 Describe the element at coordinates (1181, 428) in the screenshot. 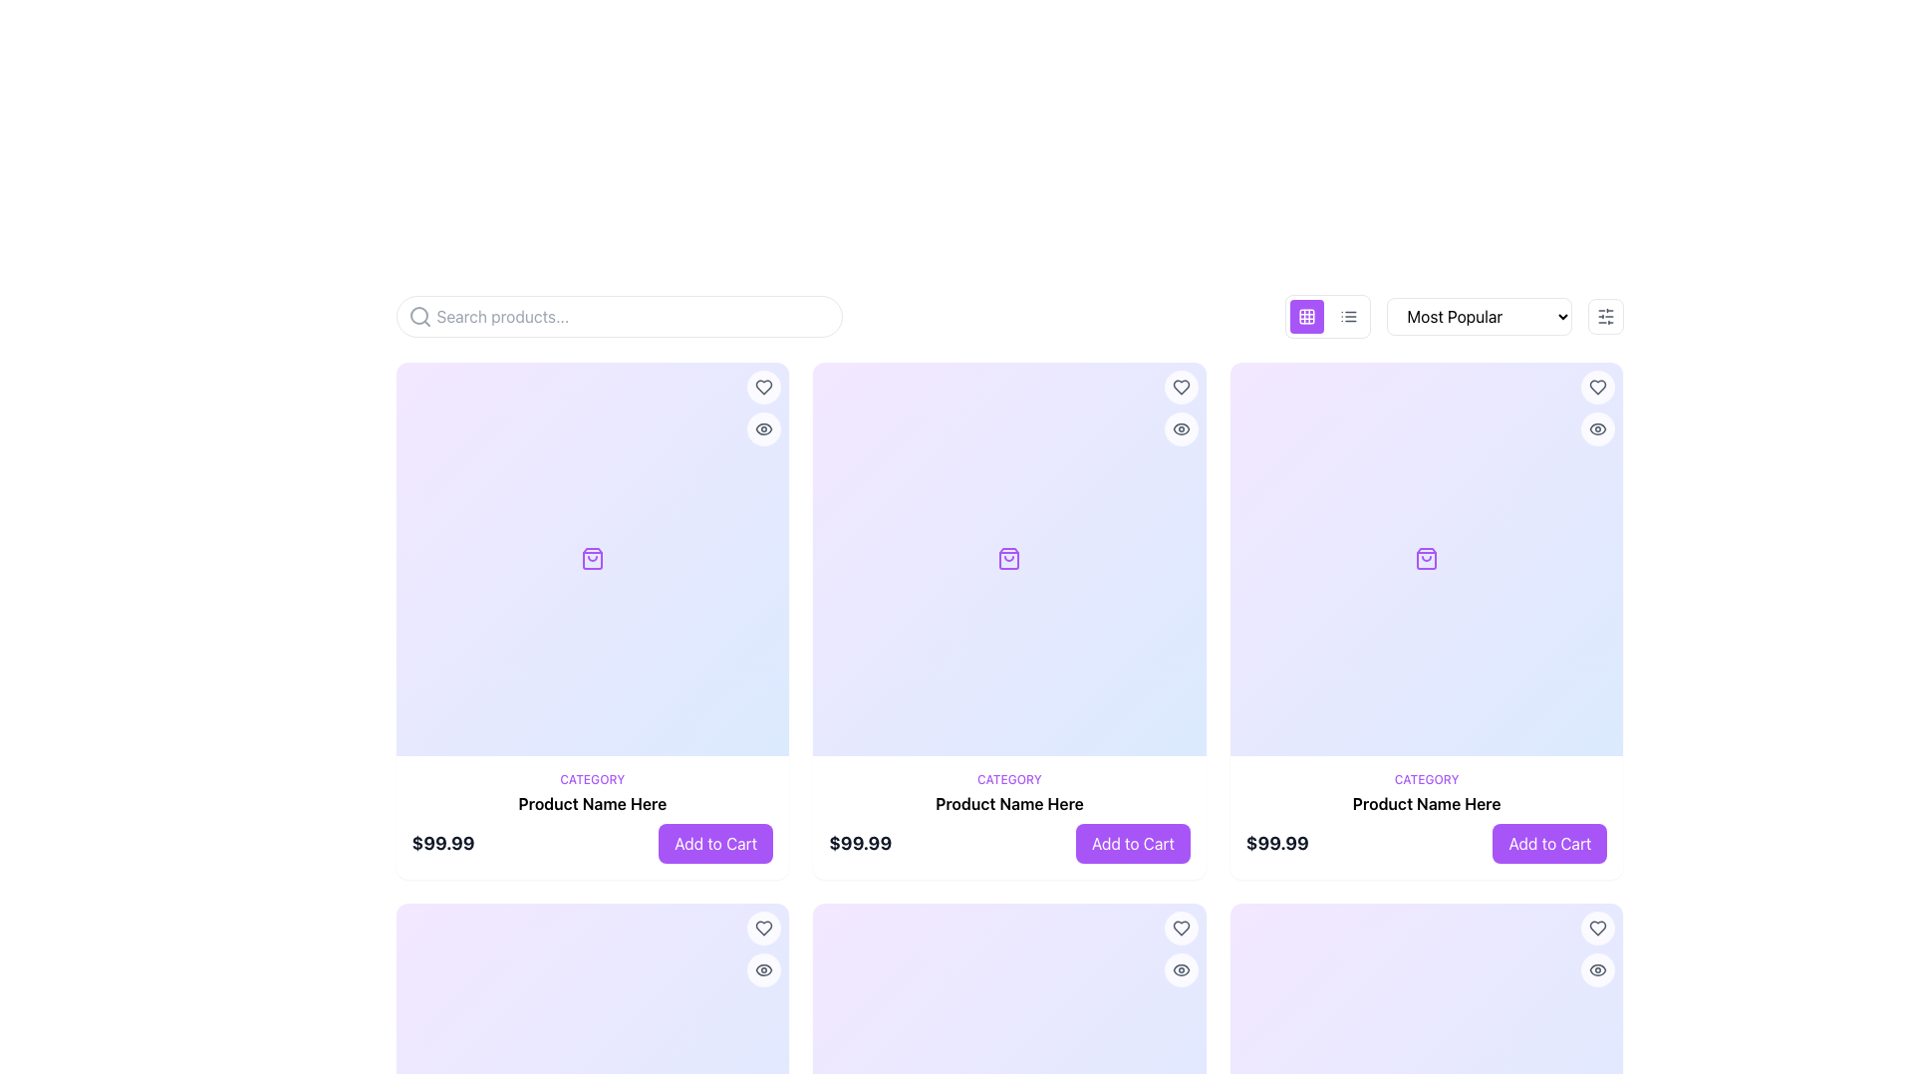

I see `the circular button with a white background and gray outline, which features an eye icon, to change its color` at that location.